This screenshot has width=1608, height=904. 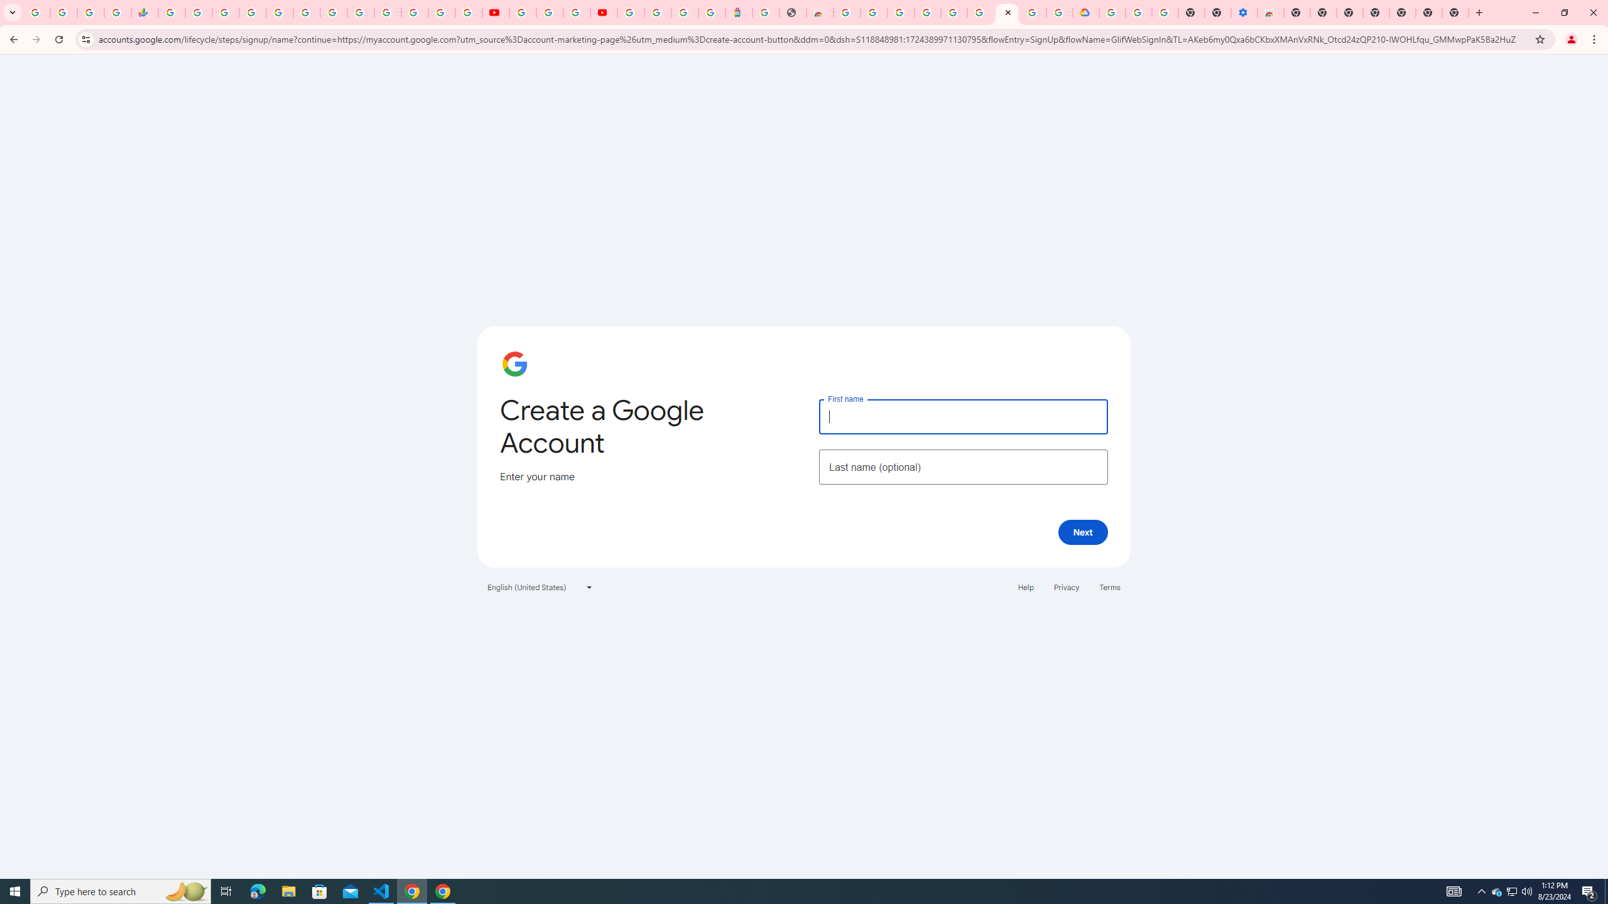 What do you see at coordinates (334, 12) in the screenshot?
I see `'Android TV Policies and Guidelines - Transparency Center'` at bounding box center [334, 12].